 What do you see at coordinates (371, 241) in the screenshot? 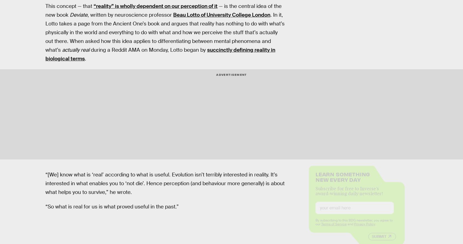
I see `'Submit'` at bounding box center [371, 241].